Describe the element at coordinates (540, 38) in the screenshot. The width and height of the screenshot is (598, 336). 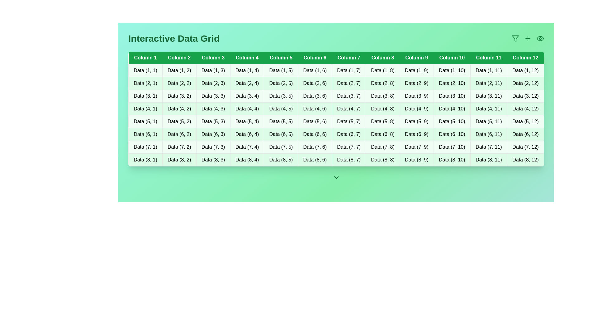
I see `the eye icon to toggle the visibility of the data grid` at that location.